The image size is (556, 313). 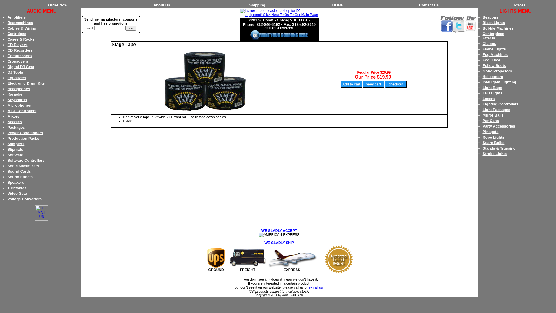 What do you see at coordinates (520, 5) in the screenshot?
I see `'Prices'` at bounding box center [520, 5].